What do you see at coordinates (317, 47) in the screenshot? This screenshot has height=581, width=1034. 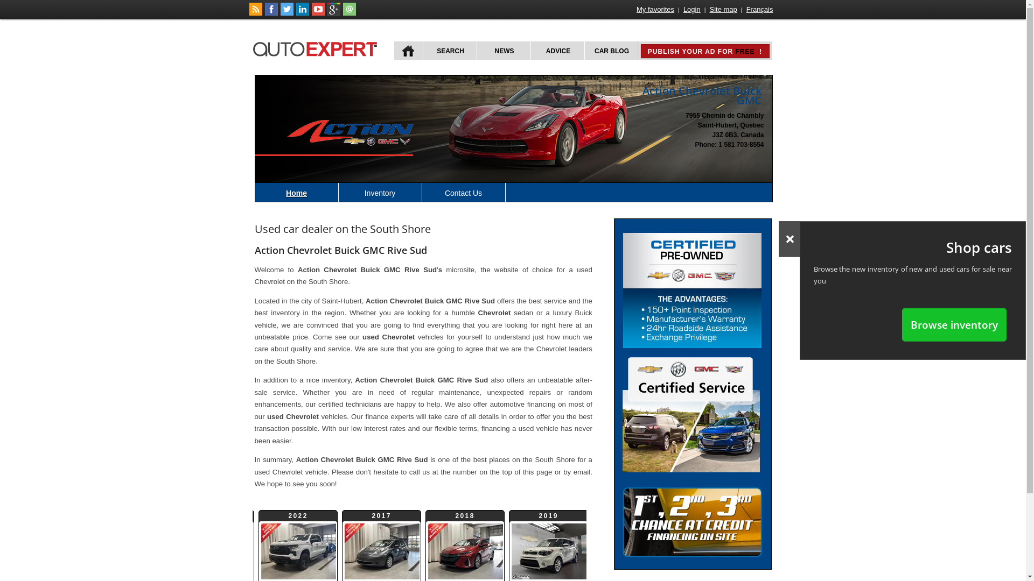 I see `'autoExpert.ca'` at bounding box center [317, 47].